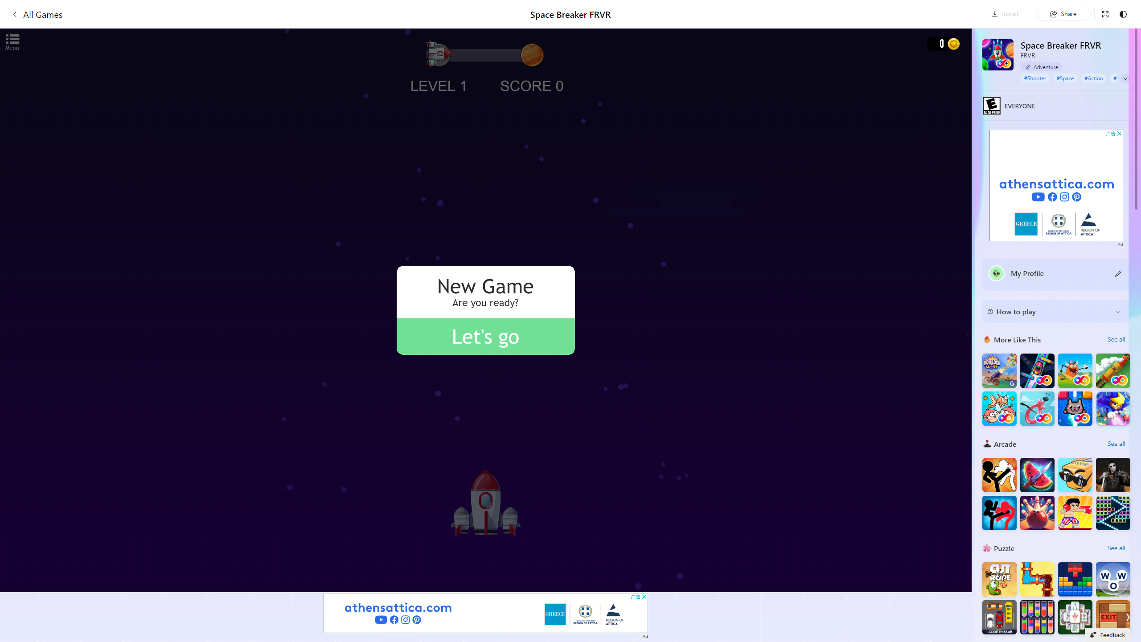 This screenshot has width=1141, height=642. I want to click on 'See all', so click(1116, 548).